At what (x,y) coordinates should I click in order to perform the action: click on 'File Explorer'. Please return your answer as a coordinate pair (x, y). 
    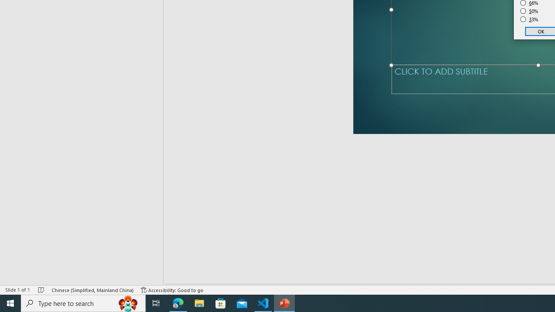
    Looking at the image, I should click on (199, 302).